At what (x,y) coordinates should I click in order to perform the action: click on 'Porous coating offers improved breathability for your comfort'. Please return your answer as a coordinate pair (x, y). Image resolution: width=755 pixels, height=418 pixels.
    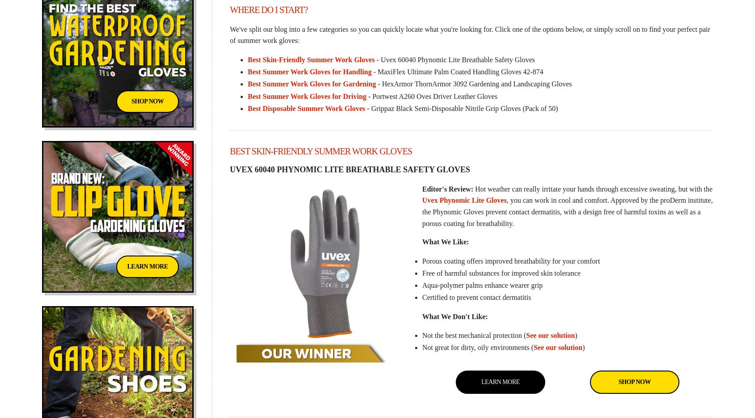
    Looking at the image, I should click on (421, 260).